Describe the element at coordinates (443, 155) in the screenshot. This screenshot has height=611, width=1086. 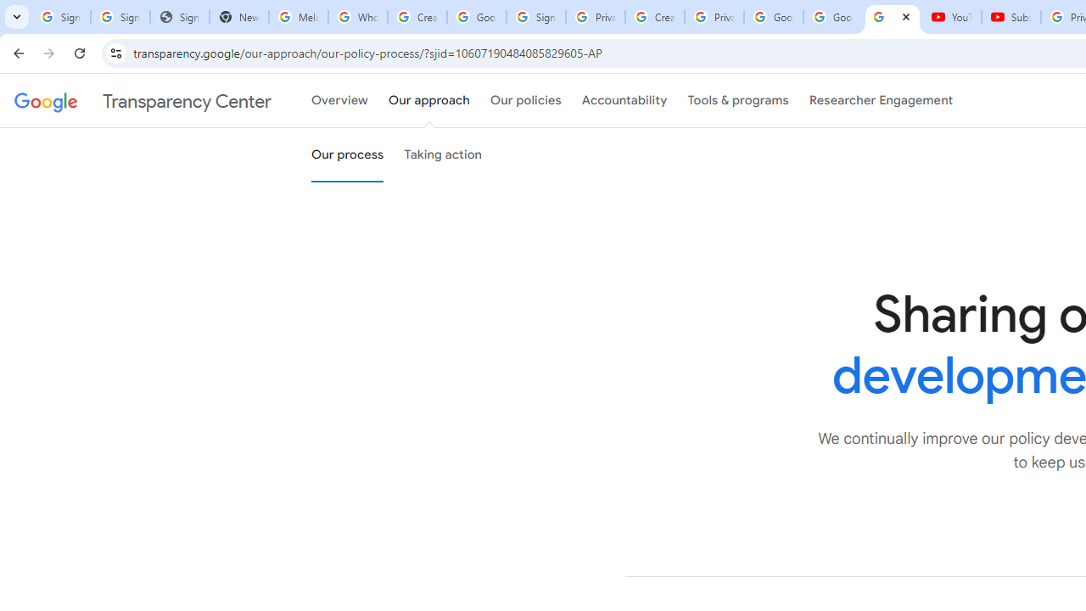
I see `'Taking action'` at that location.